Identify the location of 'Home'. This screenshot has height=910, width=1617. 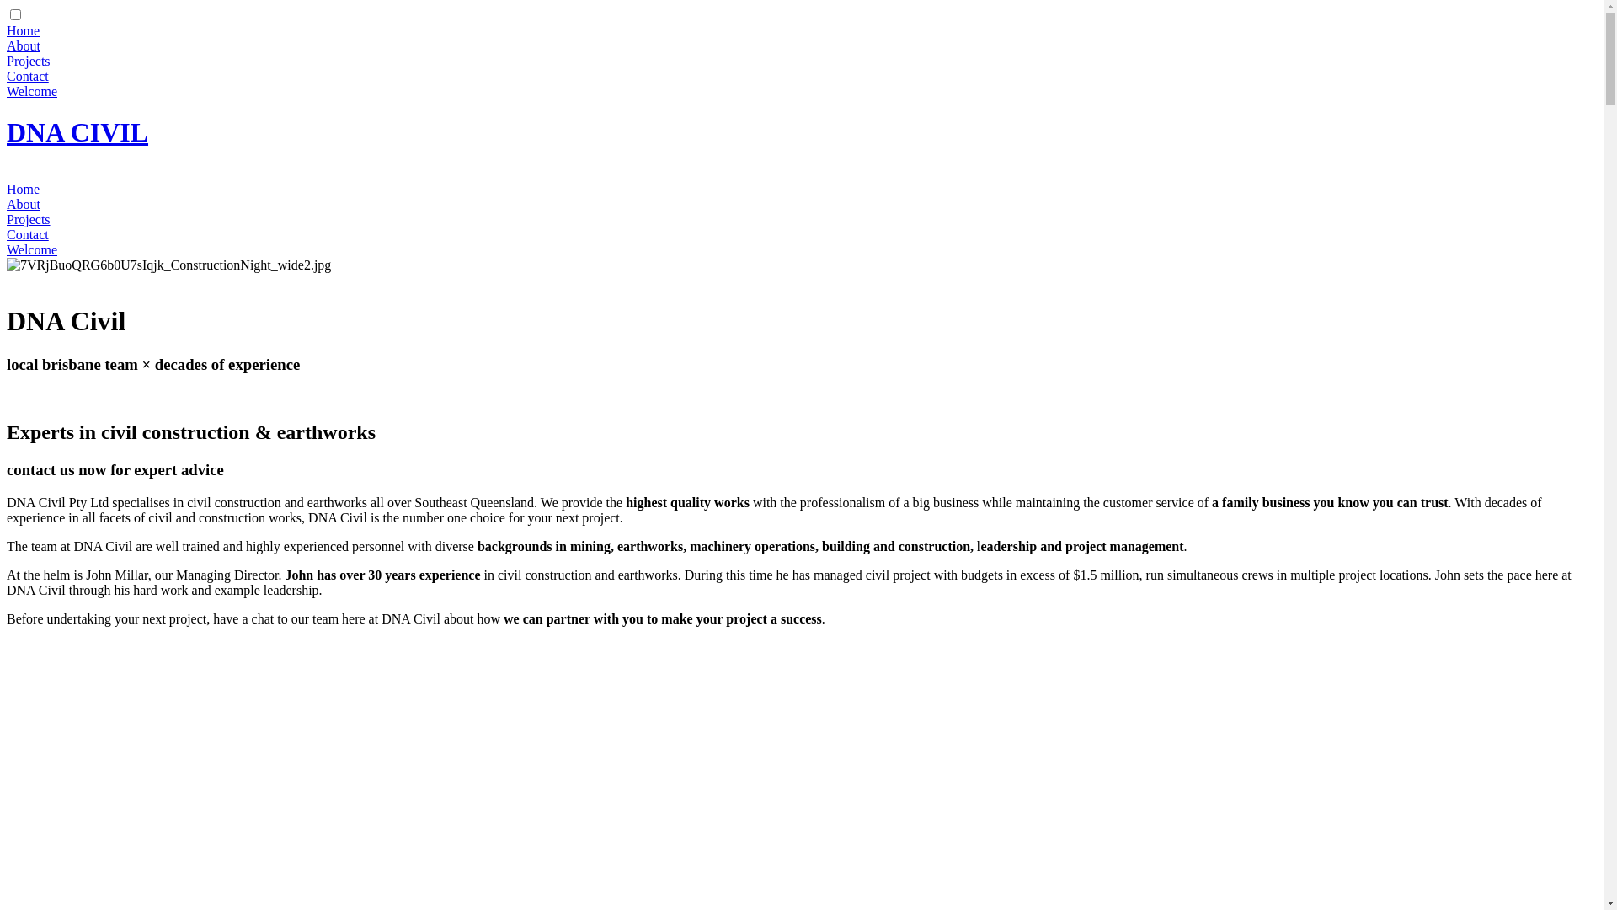
(23, 189).